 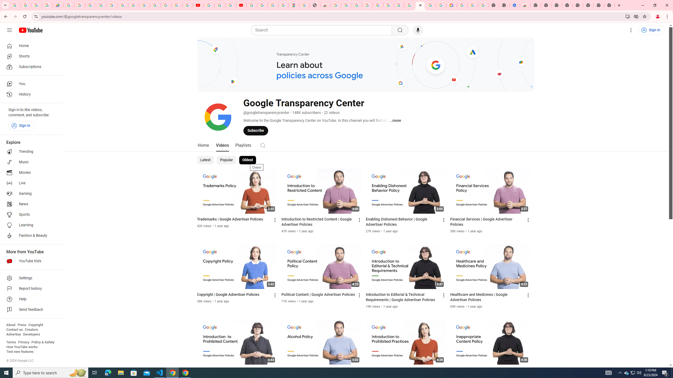 I want to click on 'Policy & Safety', so click(x=43, y=342).